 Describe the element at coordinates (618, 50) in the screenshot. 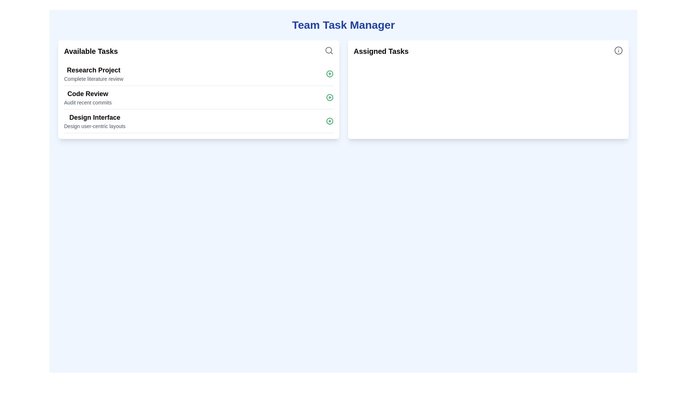

I see `the circular gray icon with a central dot and vertical line located at the top-right corner of the 'Assigned Tasks' card` at that location.